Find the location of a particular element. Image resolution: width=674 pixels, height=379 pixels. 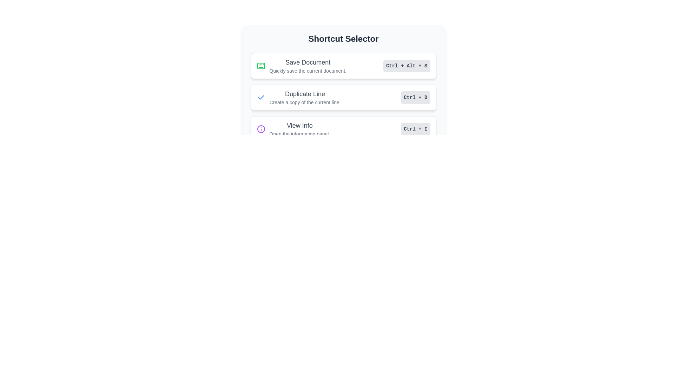

the Information label that describes the 'Save Document' shortcut, which is the first item in the vertically stacked list within the 'Shortcut Selector' interface is located at coordinates (308, 66).